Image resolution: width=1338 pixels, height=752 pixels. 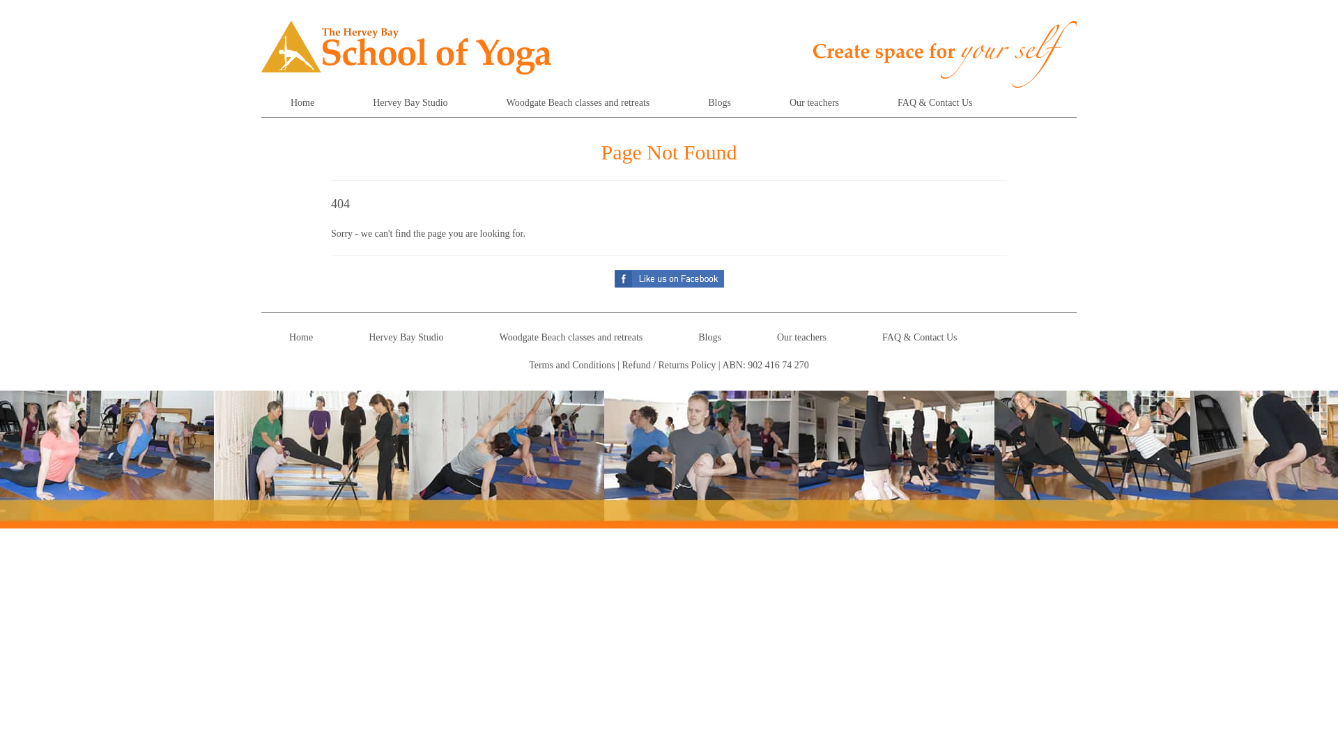 I want to click on 'Home', so click(x=301, y=102).